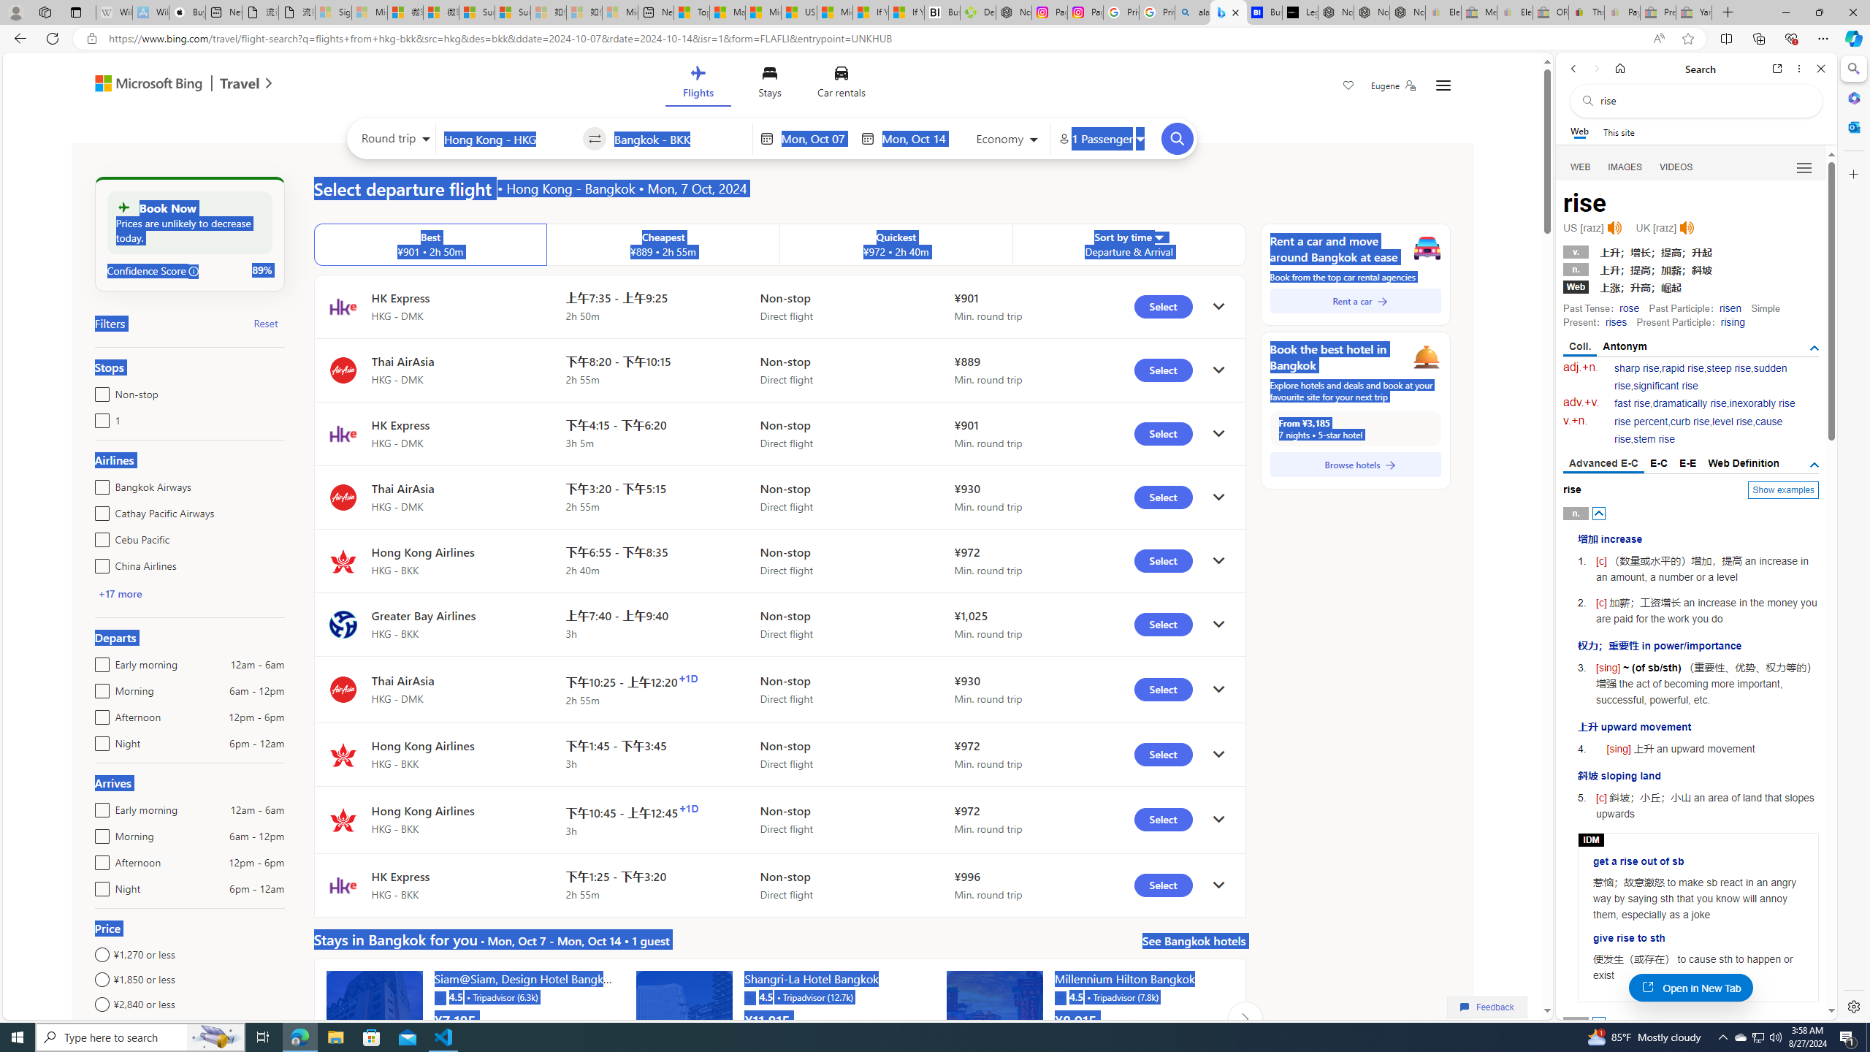 Image resolution: width=1870 pixels, height=1052 pixels. Describe the element at coordinates (1728, 367) in the screenshot. I see `'steep rise'` at that location.